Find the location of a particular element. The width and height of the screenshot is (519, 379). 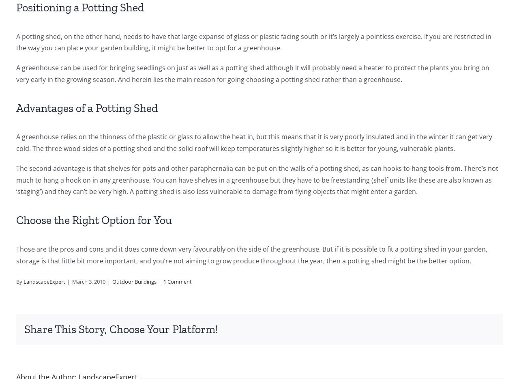

'Outdoor Buildings' is located at coordinates (112, 281).